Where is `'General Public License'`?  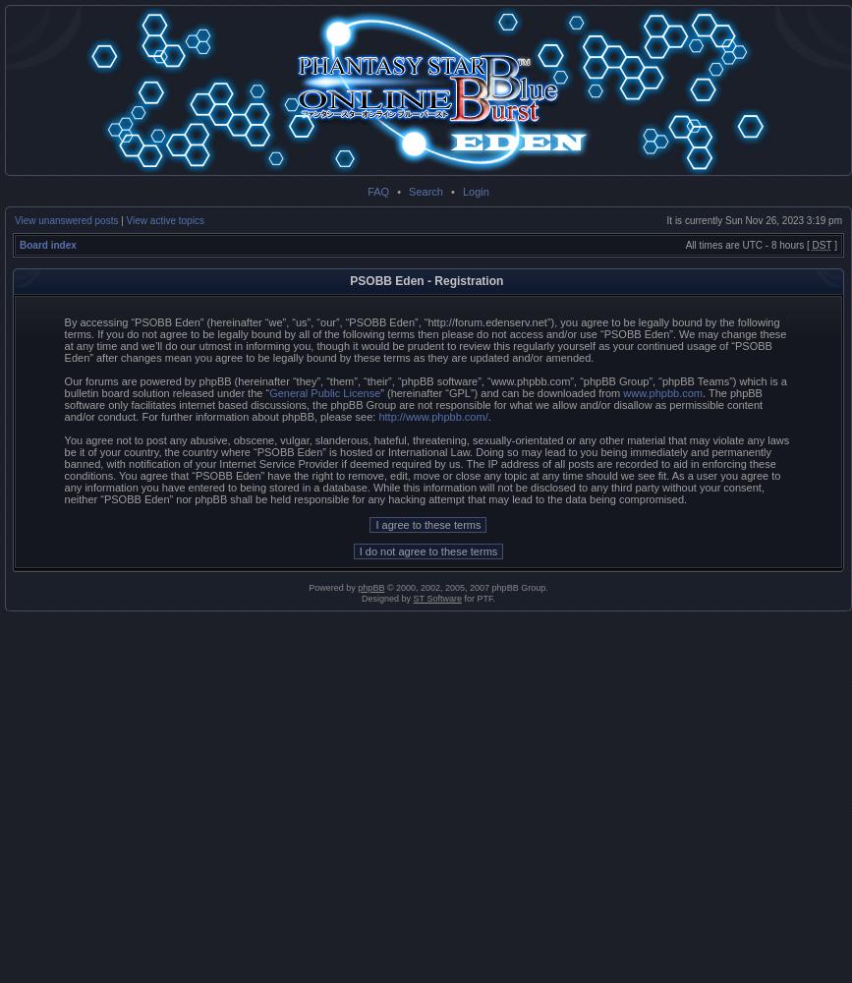 'General Public License' is located at coordinates (324, 393).